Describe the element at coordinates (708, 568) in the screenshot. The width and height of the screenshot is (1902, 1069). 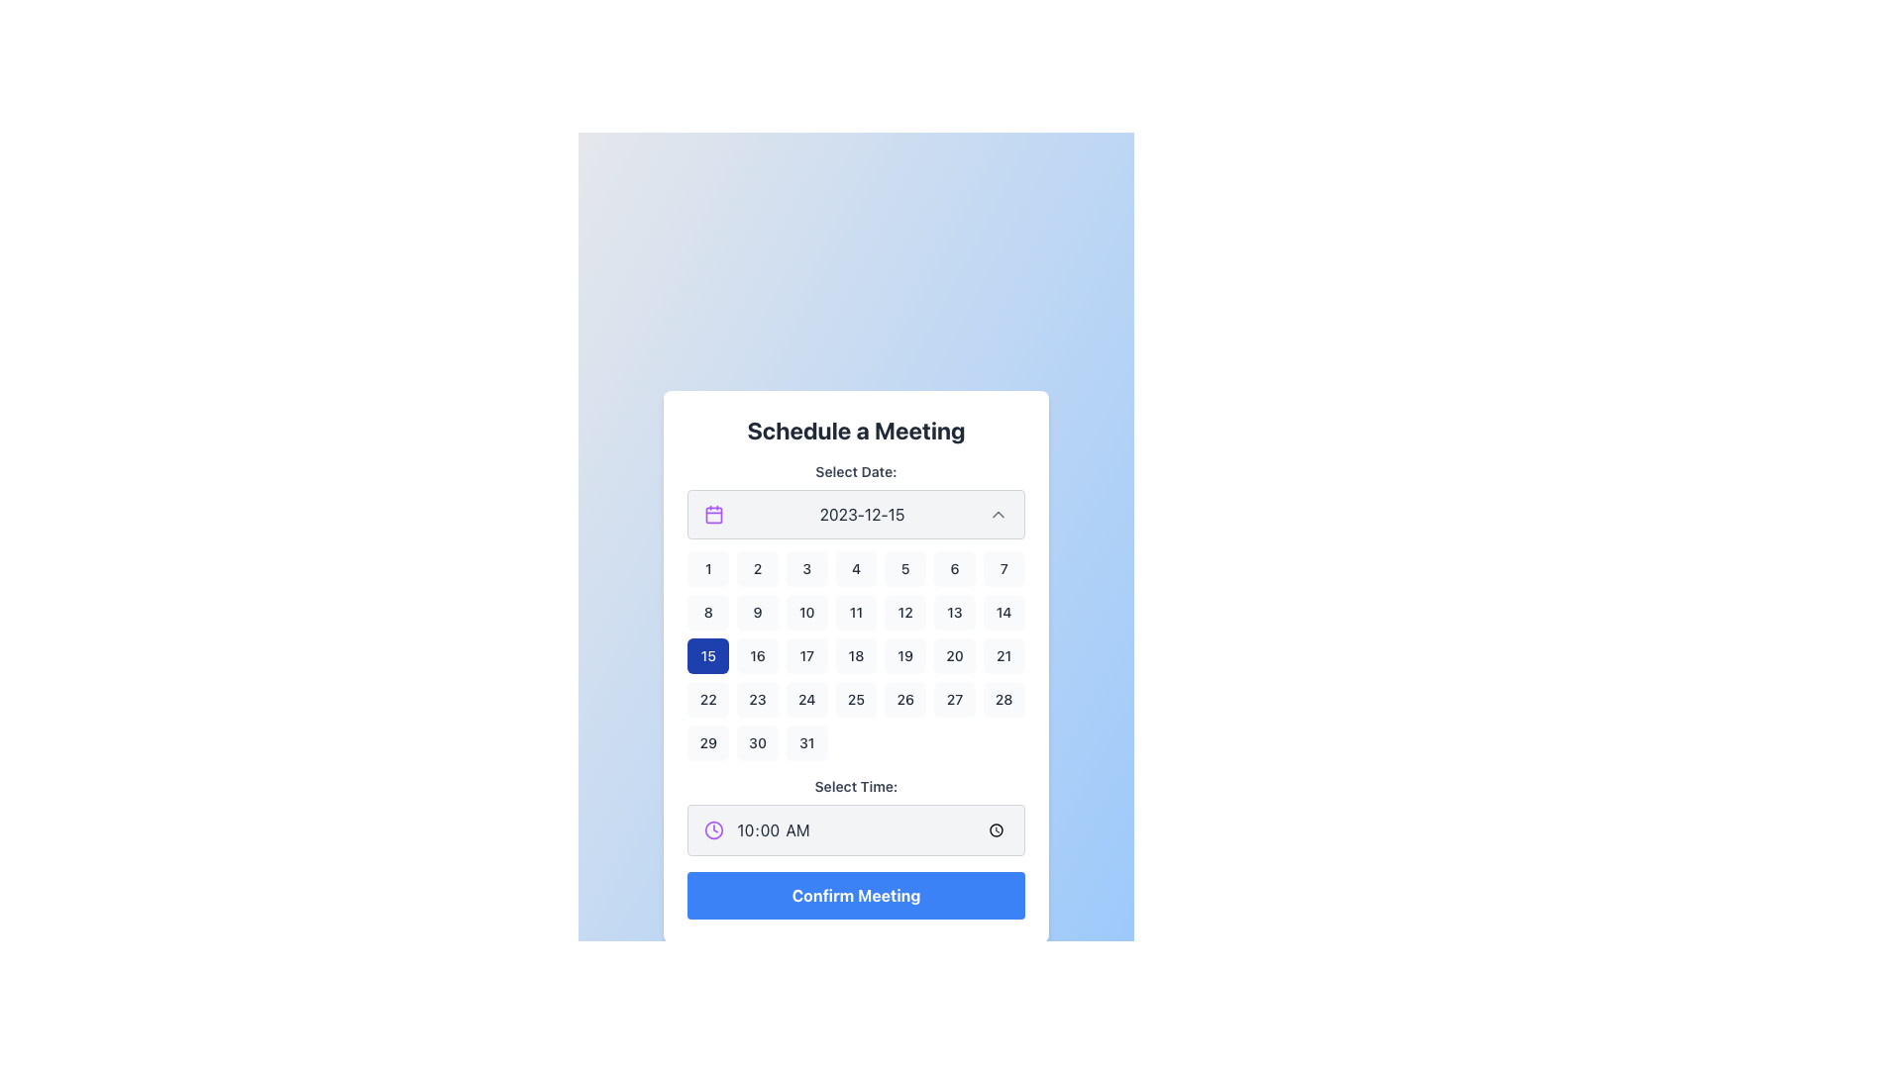
I see `the '1' button in the calendar interface` at that location.